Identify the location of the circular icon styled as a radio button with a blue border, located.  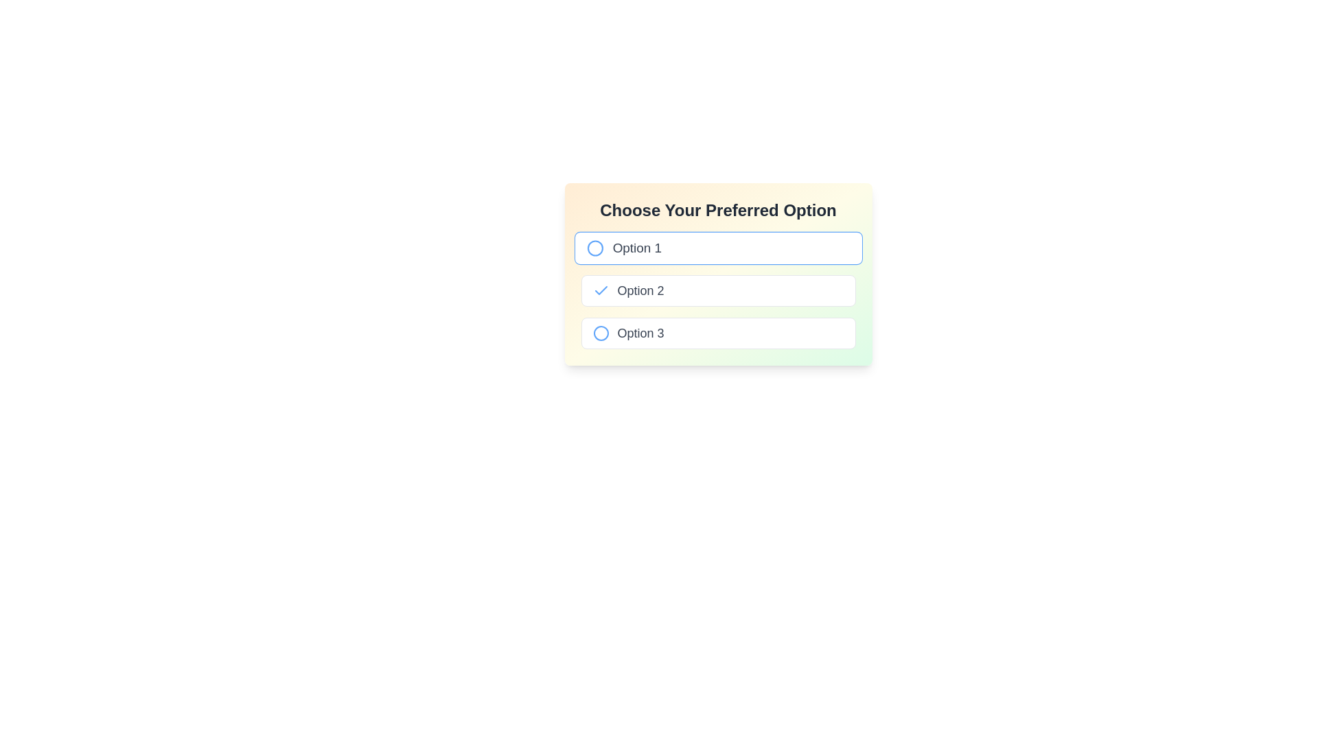
(594, 248).